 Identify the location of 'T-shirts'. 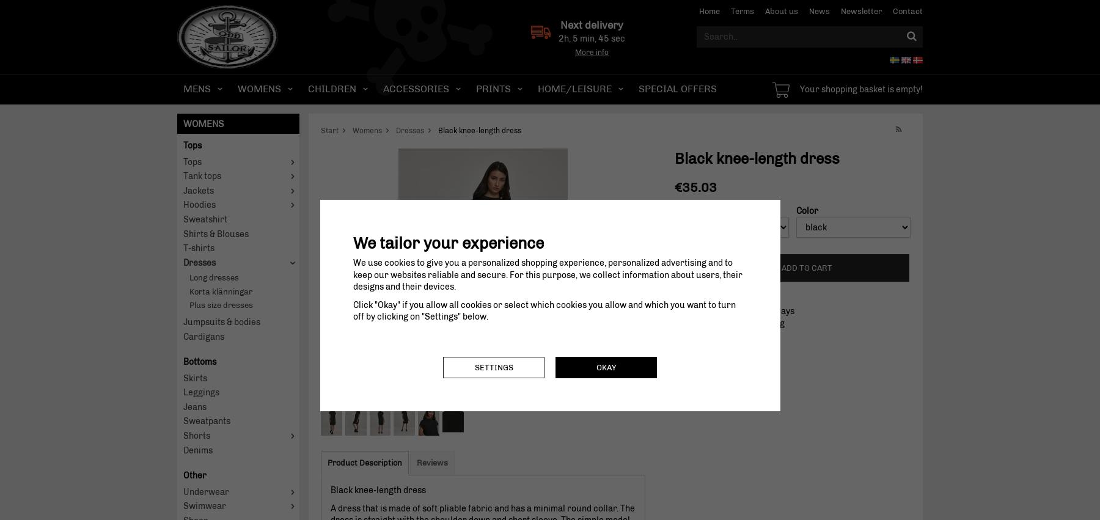
(198, 247).